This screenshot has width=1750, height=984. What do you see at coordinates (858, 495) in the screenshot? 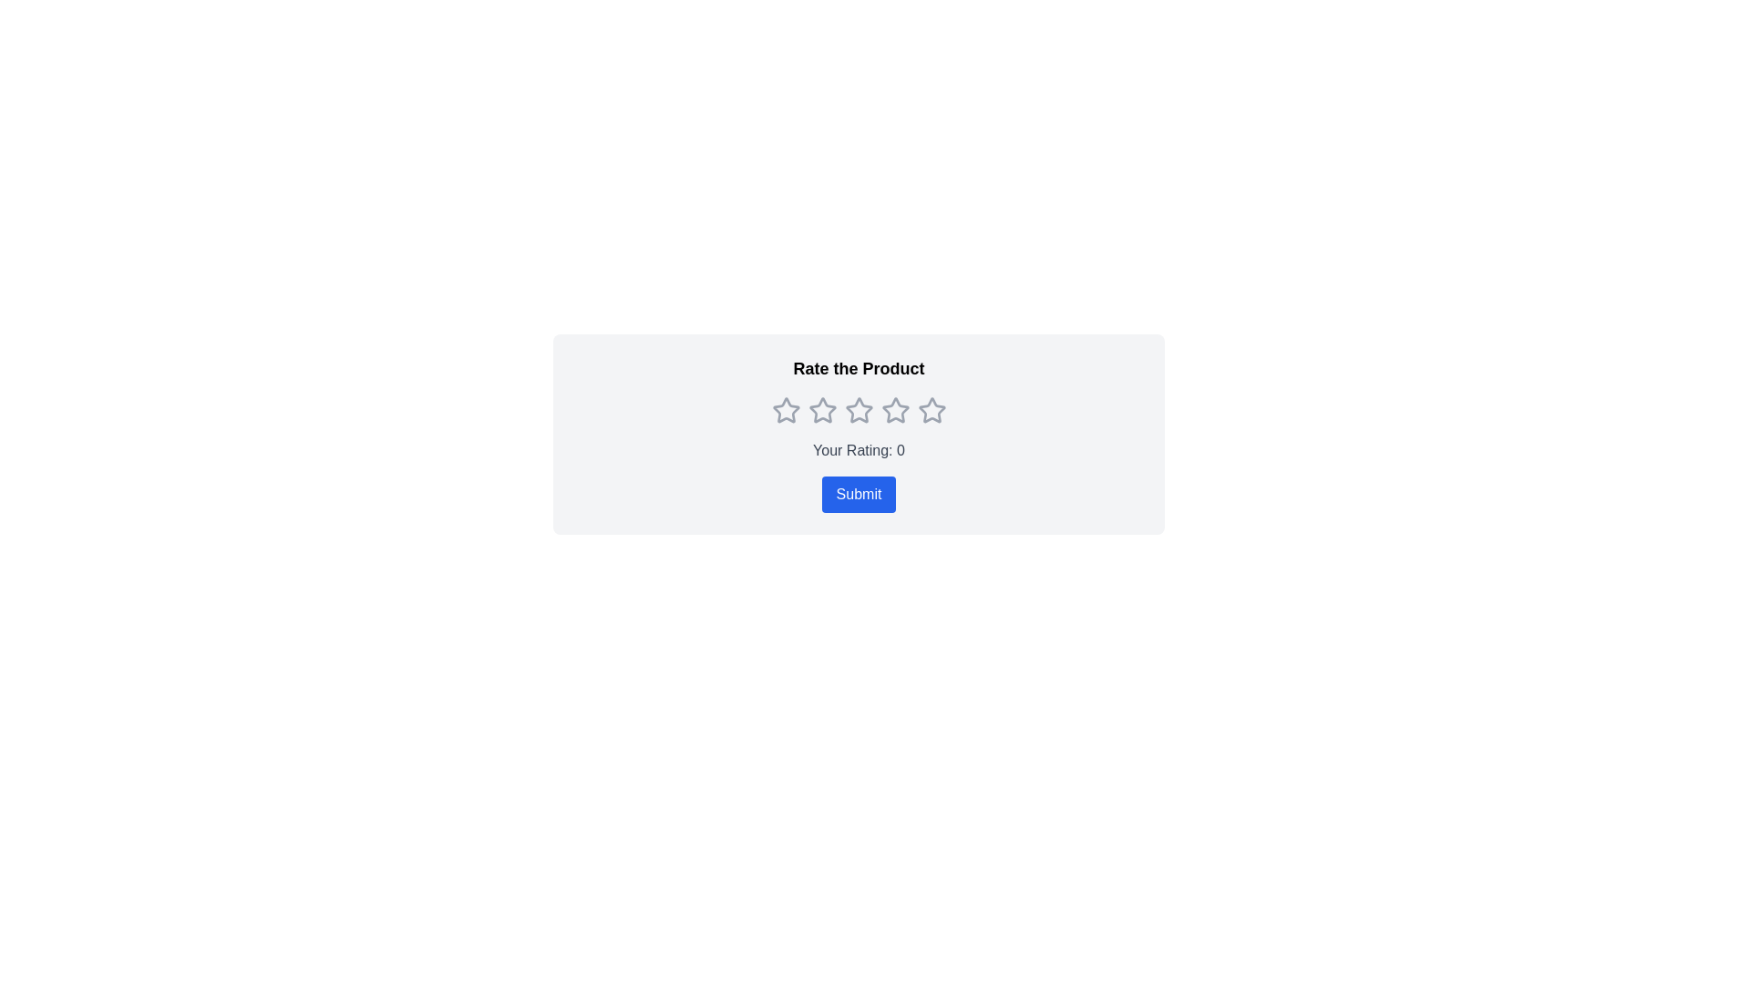
I see `the 'Submit' button, which is a rectangular button with a blue background and white text, located beneath the text 'Your Rating: 0'` at bounding box center [858, 495].